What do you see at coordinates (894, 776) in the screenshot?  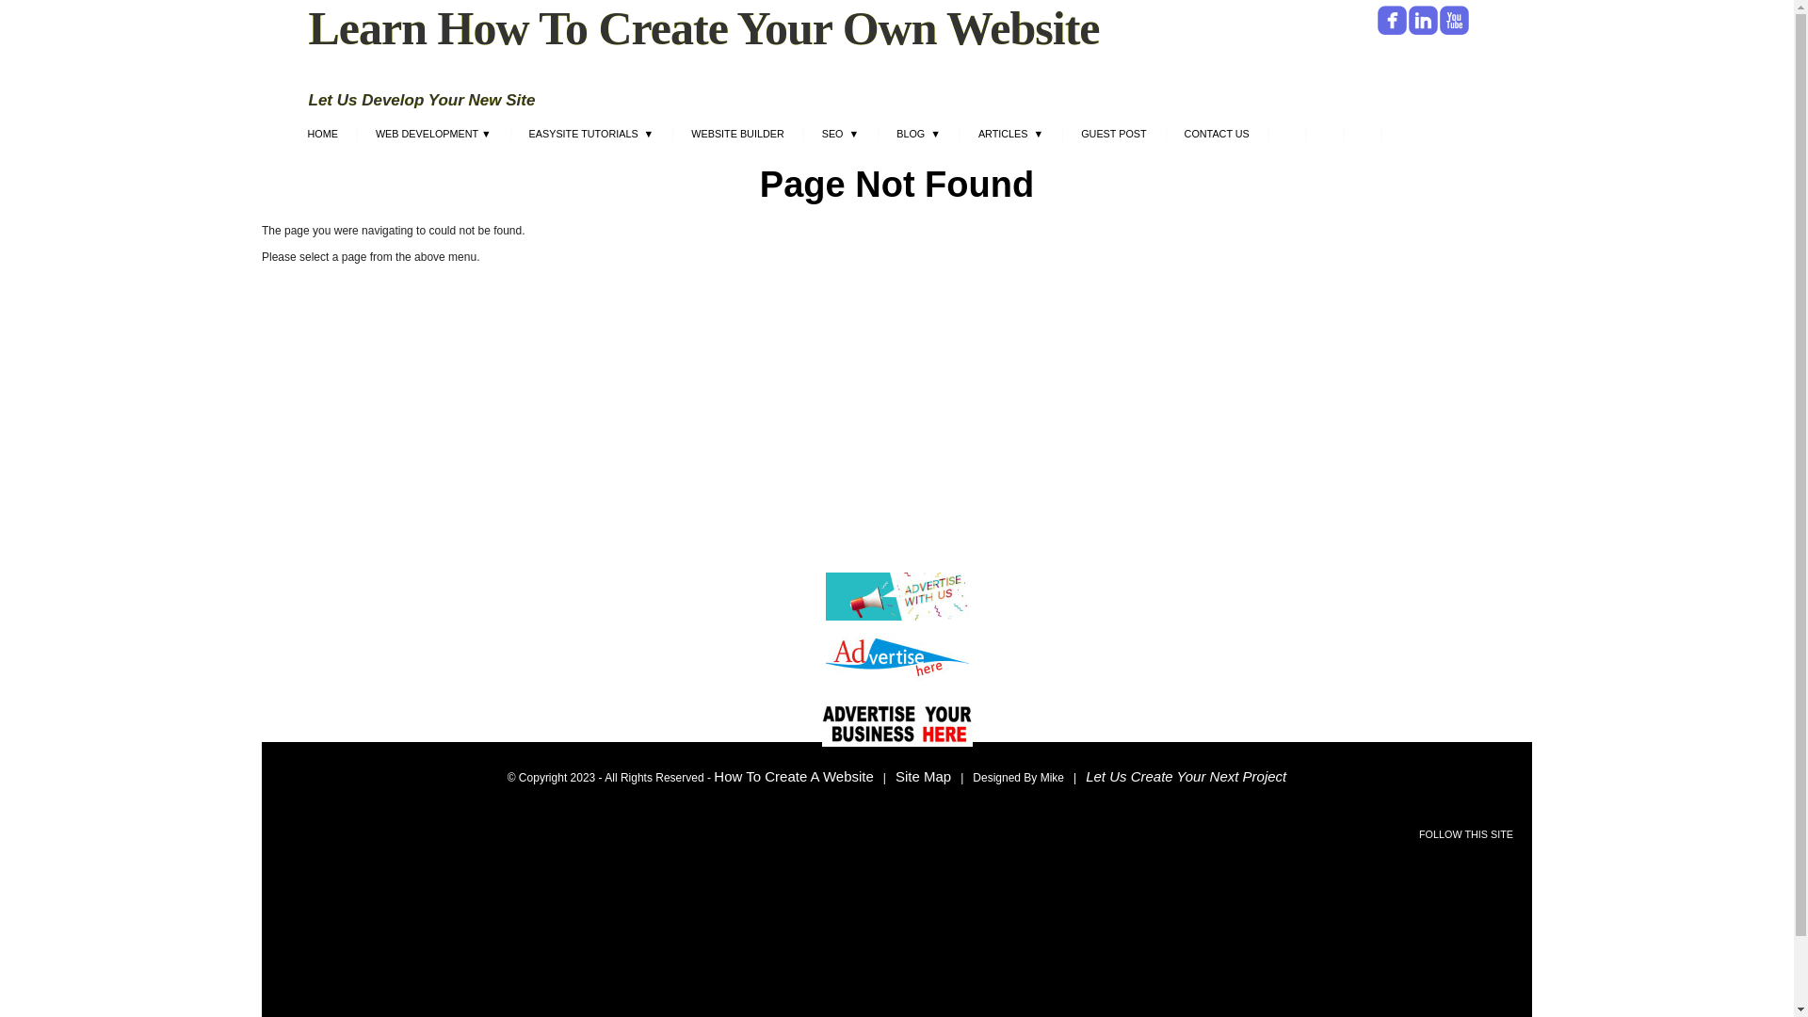 I see `'Site Map'` at bounding box center [894, 776].